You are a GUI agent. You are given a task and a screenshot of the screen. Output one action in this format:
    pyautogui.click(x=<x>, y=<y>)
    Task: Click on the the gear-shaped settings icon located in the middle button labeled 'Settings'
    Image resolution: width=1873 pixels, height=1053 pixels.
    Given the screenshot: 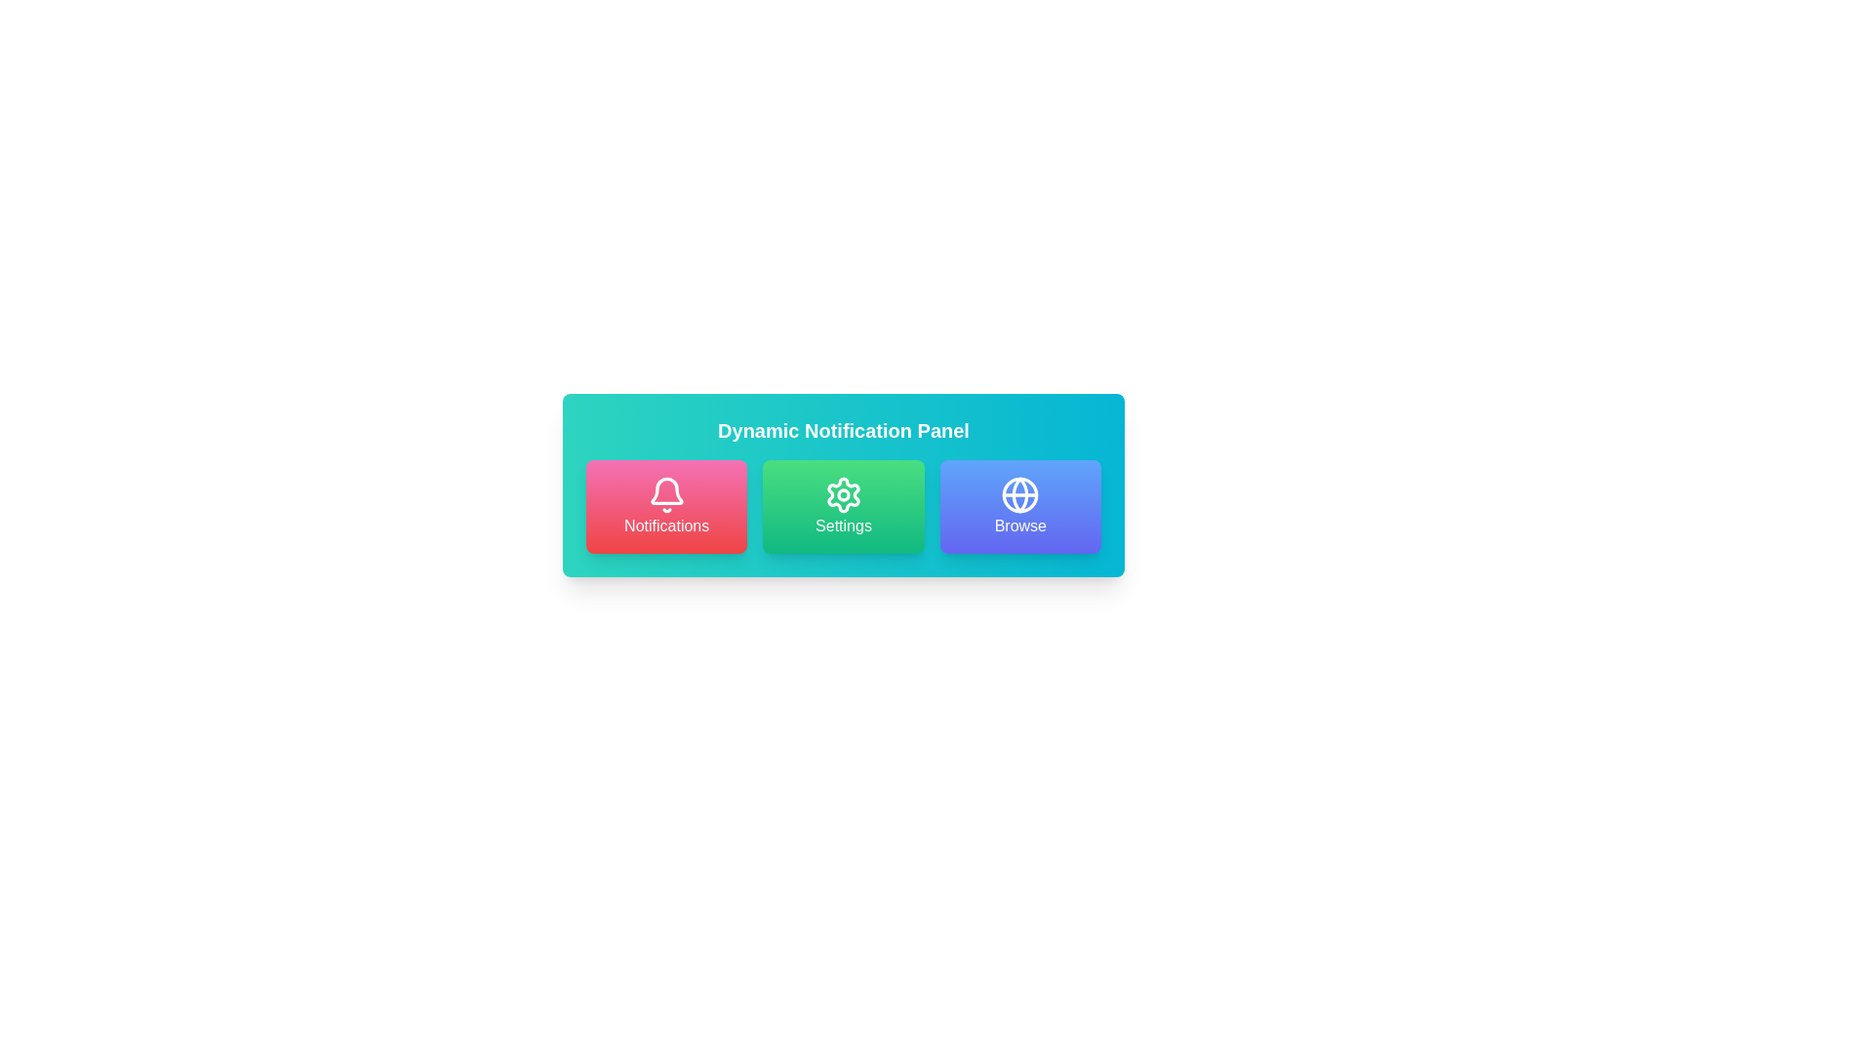 What is the action you would take?
    pyautogui.click(x=843, y=494)
    